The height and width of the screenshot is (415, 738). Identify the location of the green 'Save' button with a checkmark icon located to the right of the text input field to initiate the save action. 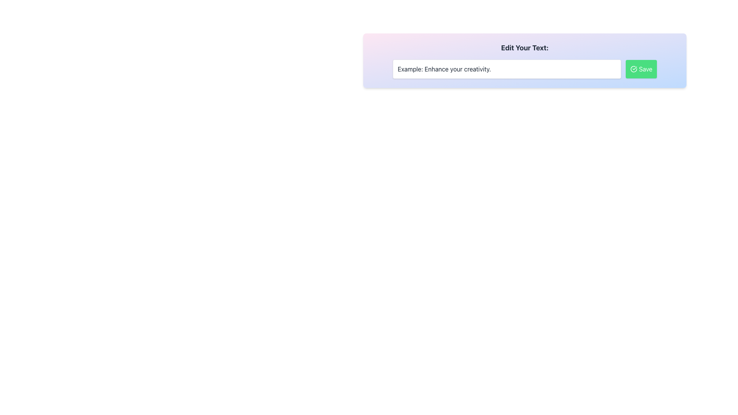
(641, 69).